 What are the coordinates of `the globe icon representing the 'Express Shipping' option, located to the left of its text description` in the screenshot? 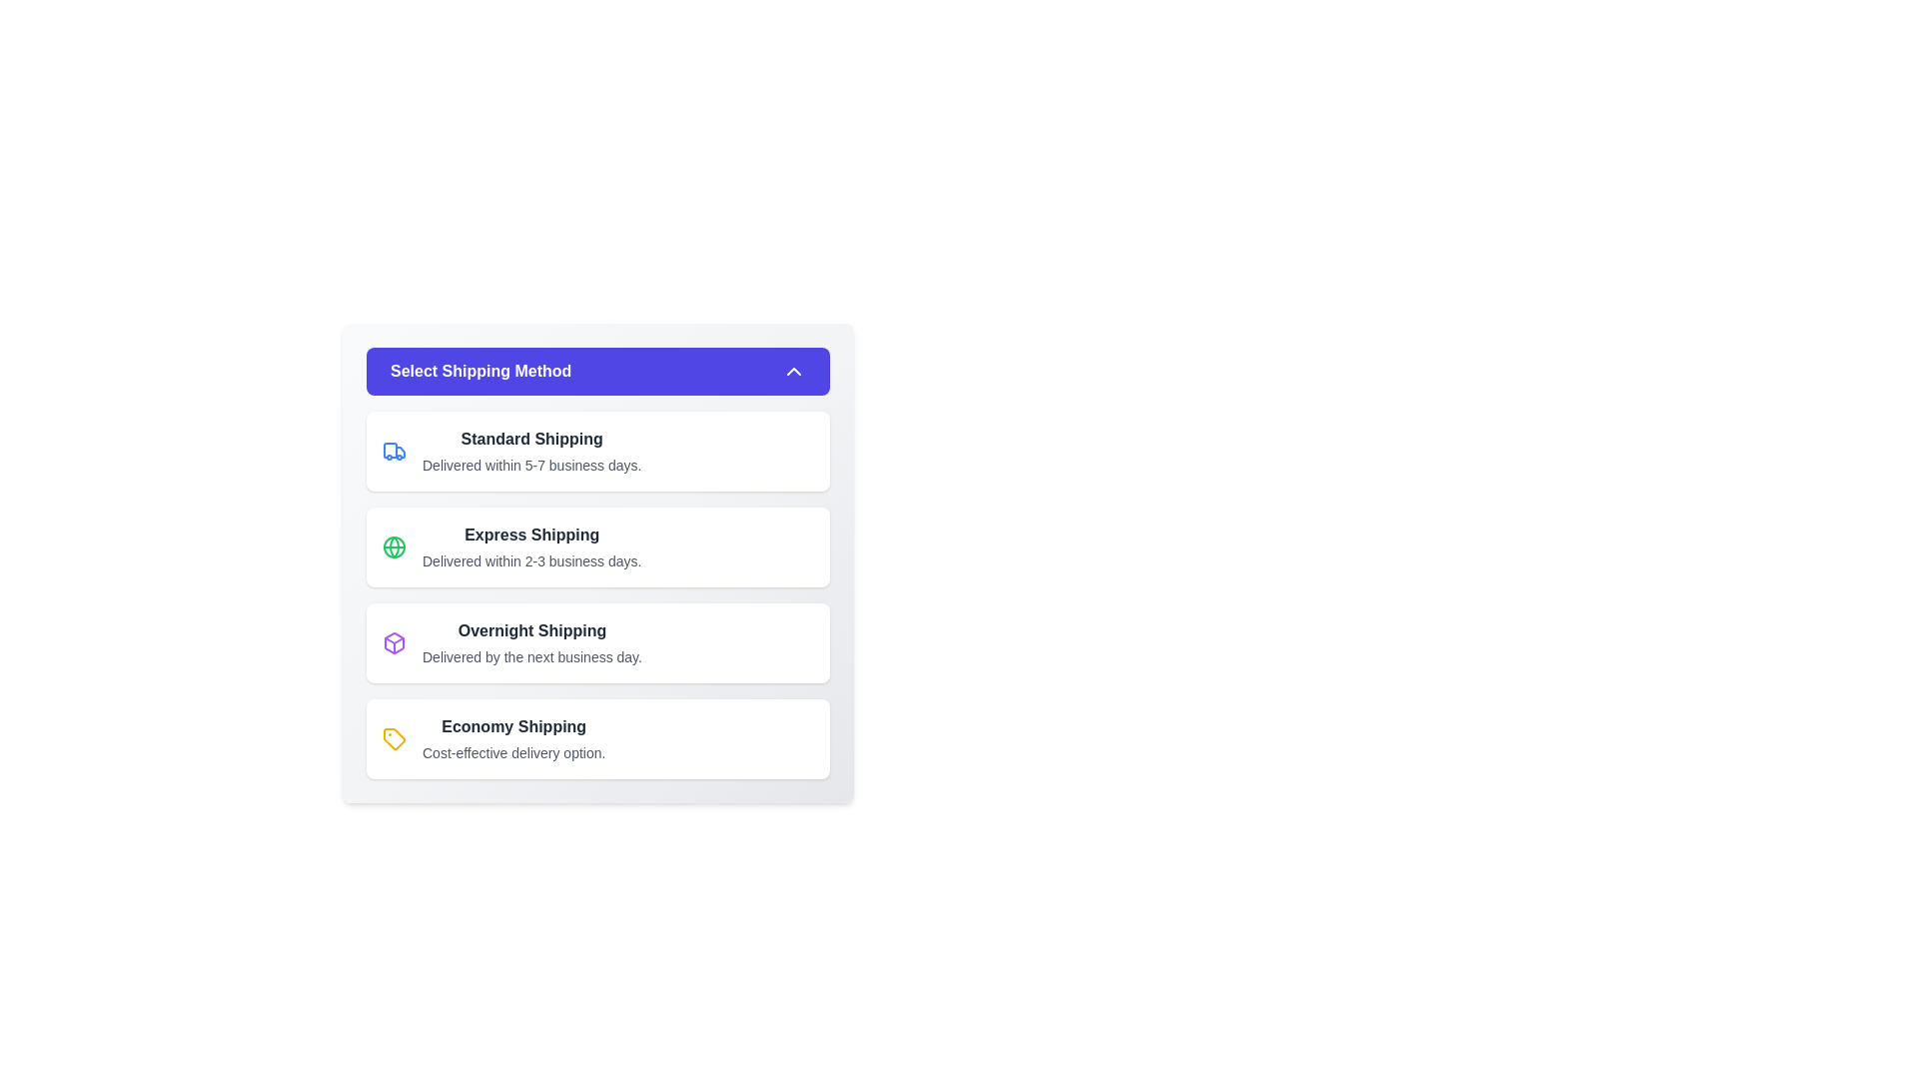 It's located at (394, 546).